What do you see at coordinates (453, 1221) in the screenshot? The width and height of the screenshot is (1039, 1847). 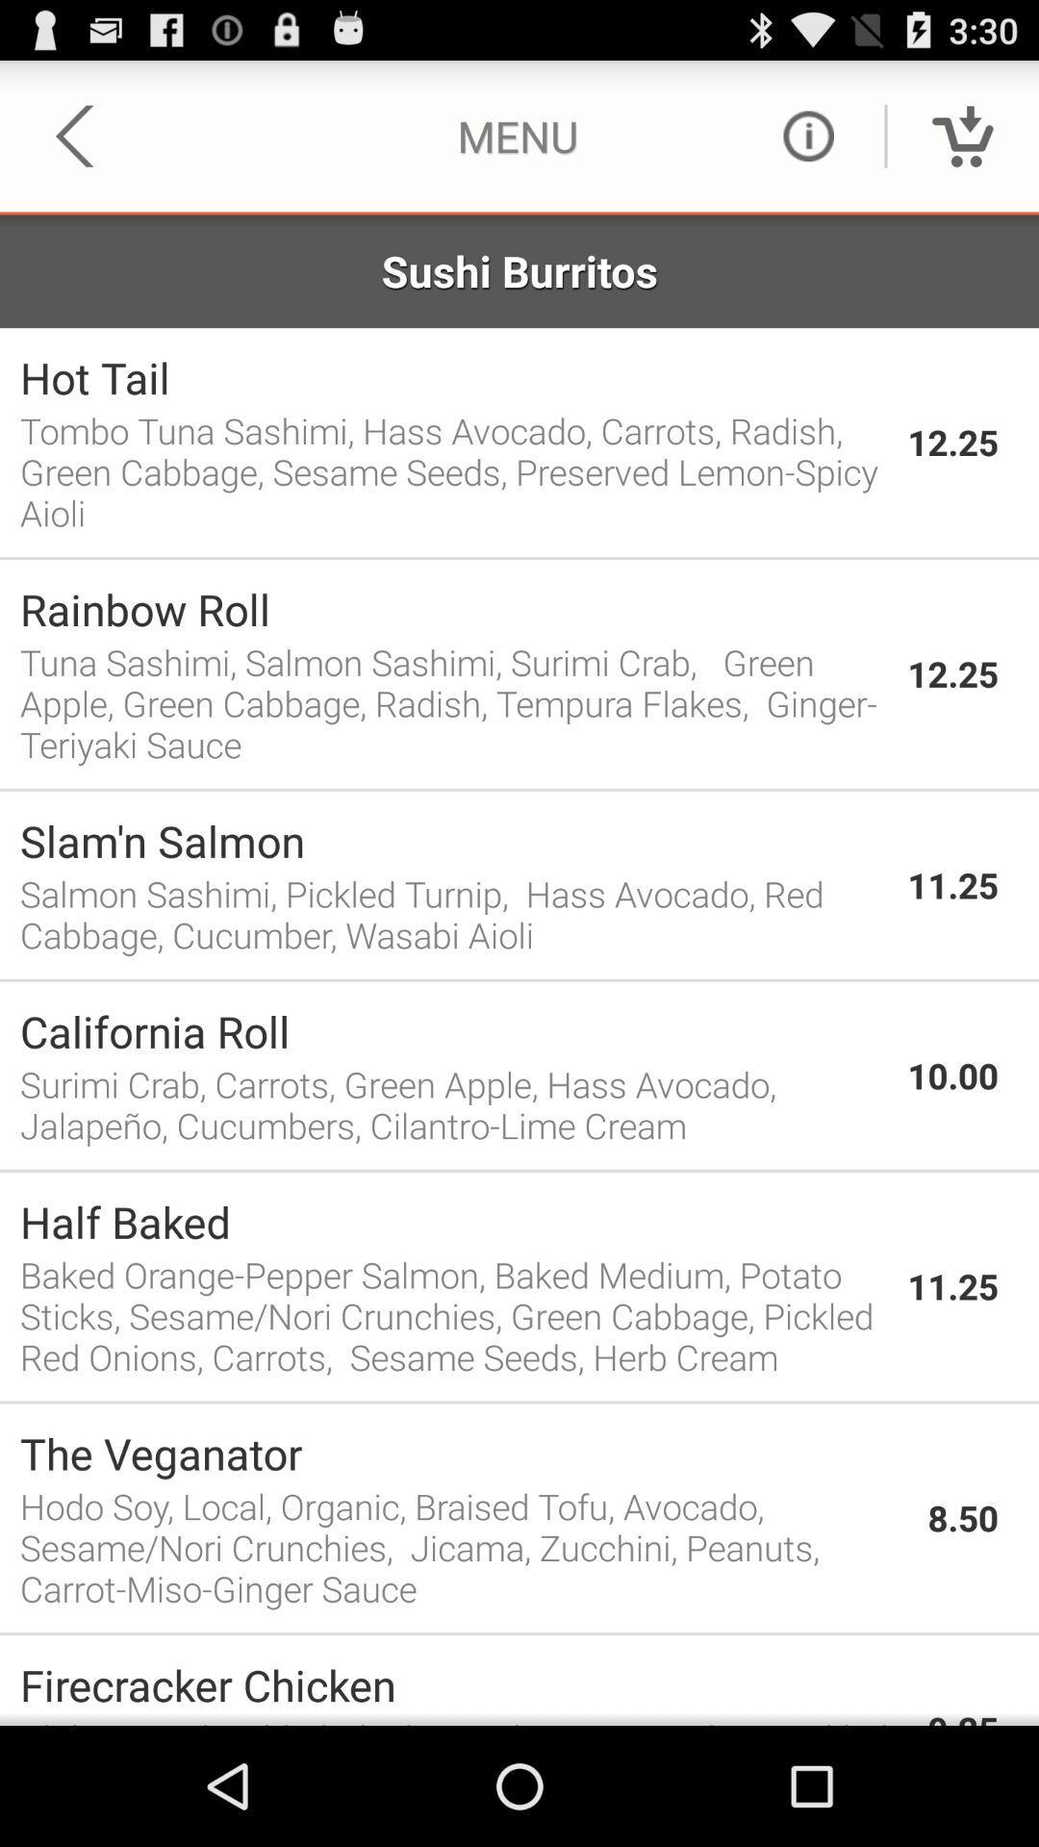 I see `the icon above baked orange pepper icon` at bounding box center [453, 1221].